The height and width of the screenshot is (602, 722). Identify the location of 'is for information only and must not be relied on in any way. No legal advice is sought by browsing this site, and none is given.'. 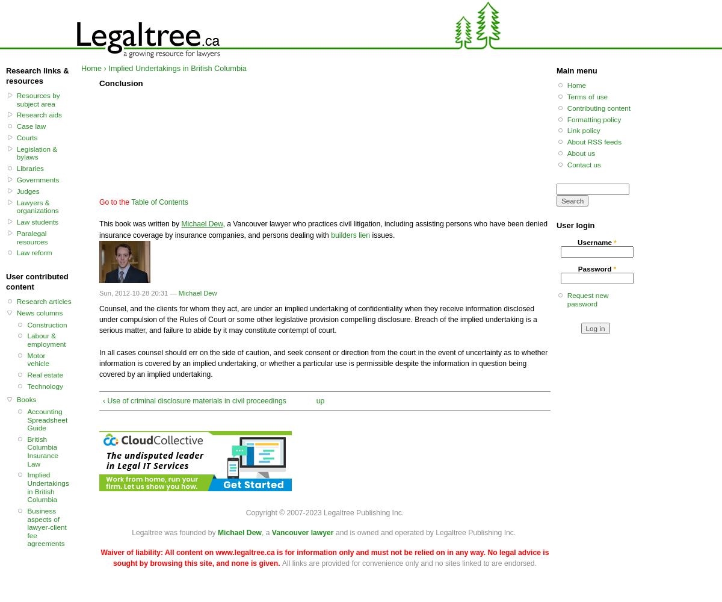
(330, 557).